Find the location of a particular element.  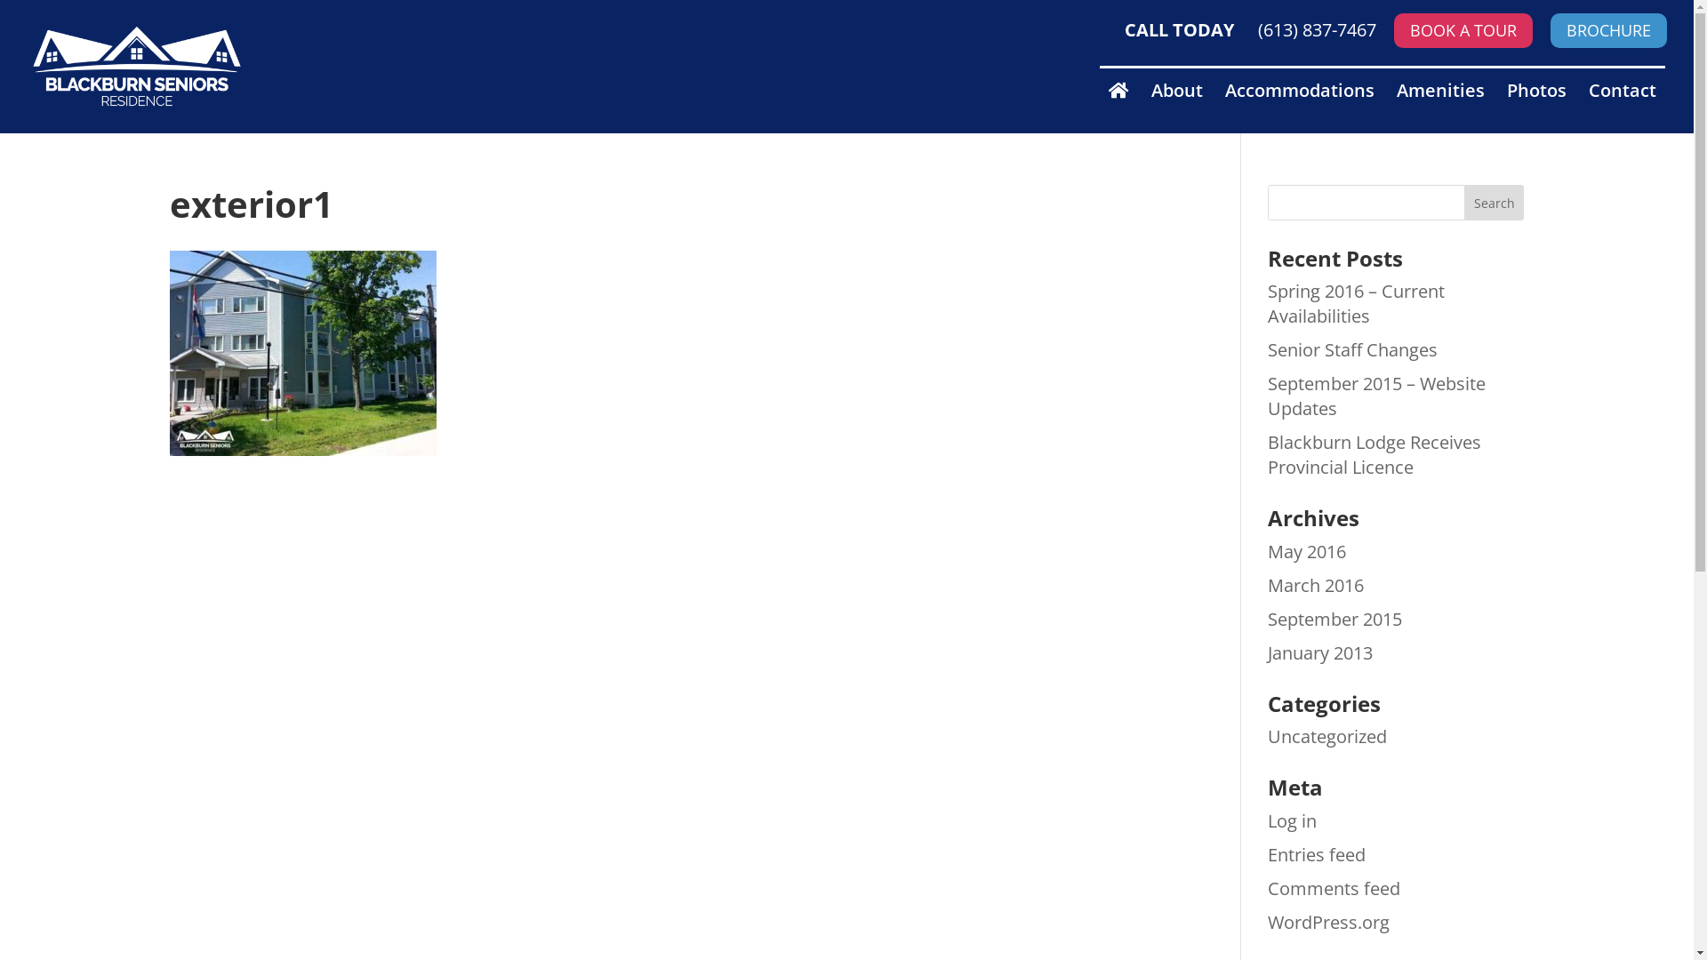

'May 2016' is located at coordinates (1306, 550).